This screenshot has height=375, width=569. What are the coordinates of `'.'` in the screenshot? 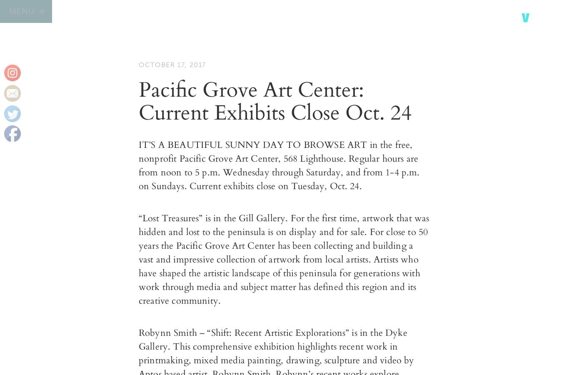 It's located at (359, 186).